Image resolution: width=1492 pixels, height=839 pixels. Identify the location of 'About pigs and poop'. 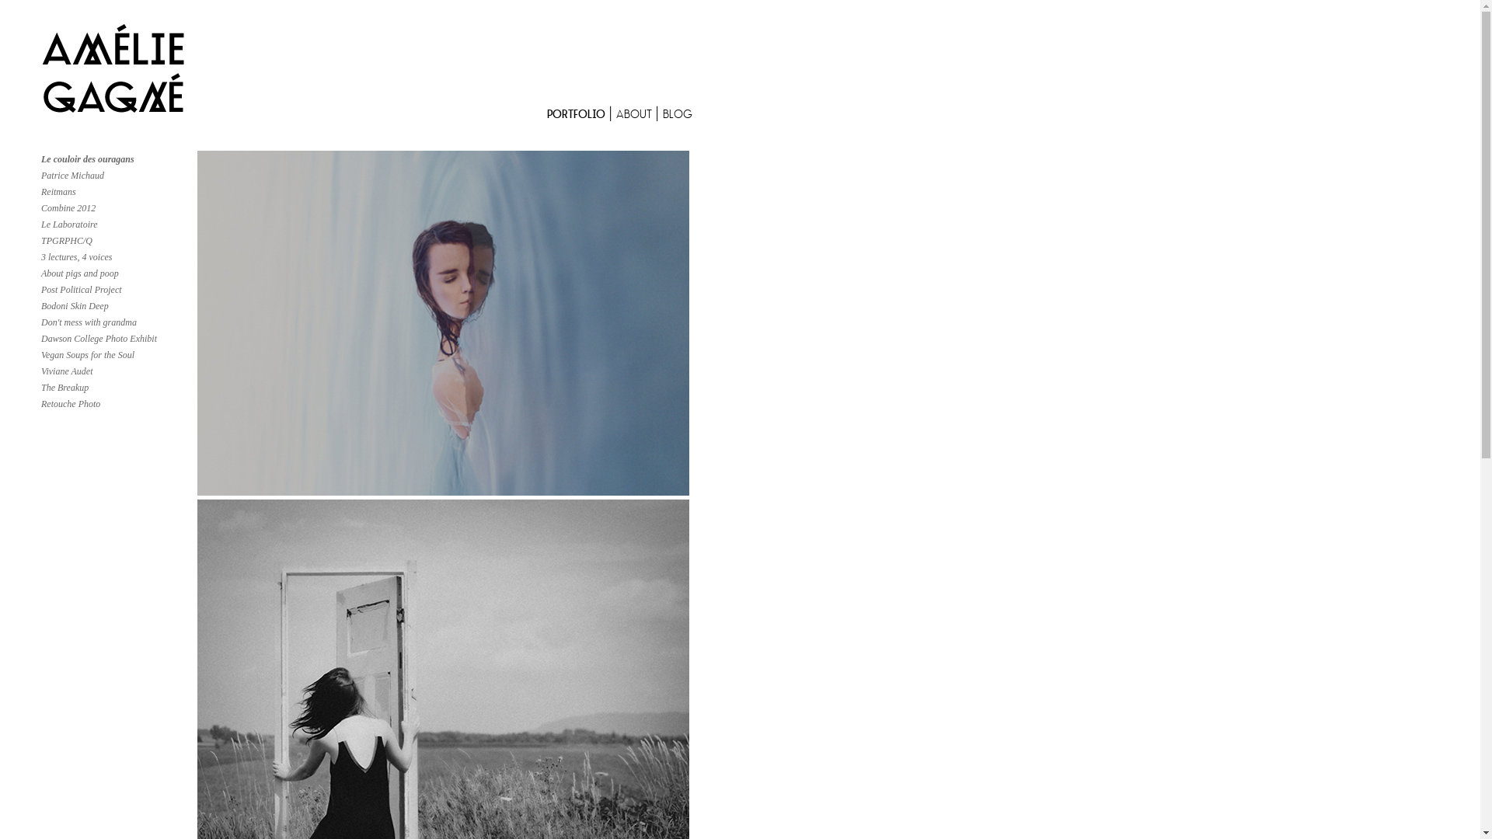
(78, 272).